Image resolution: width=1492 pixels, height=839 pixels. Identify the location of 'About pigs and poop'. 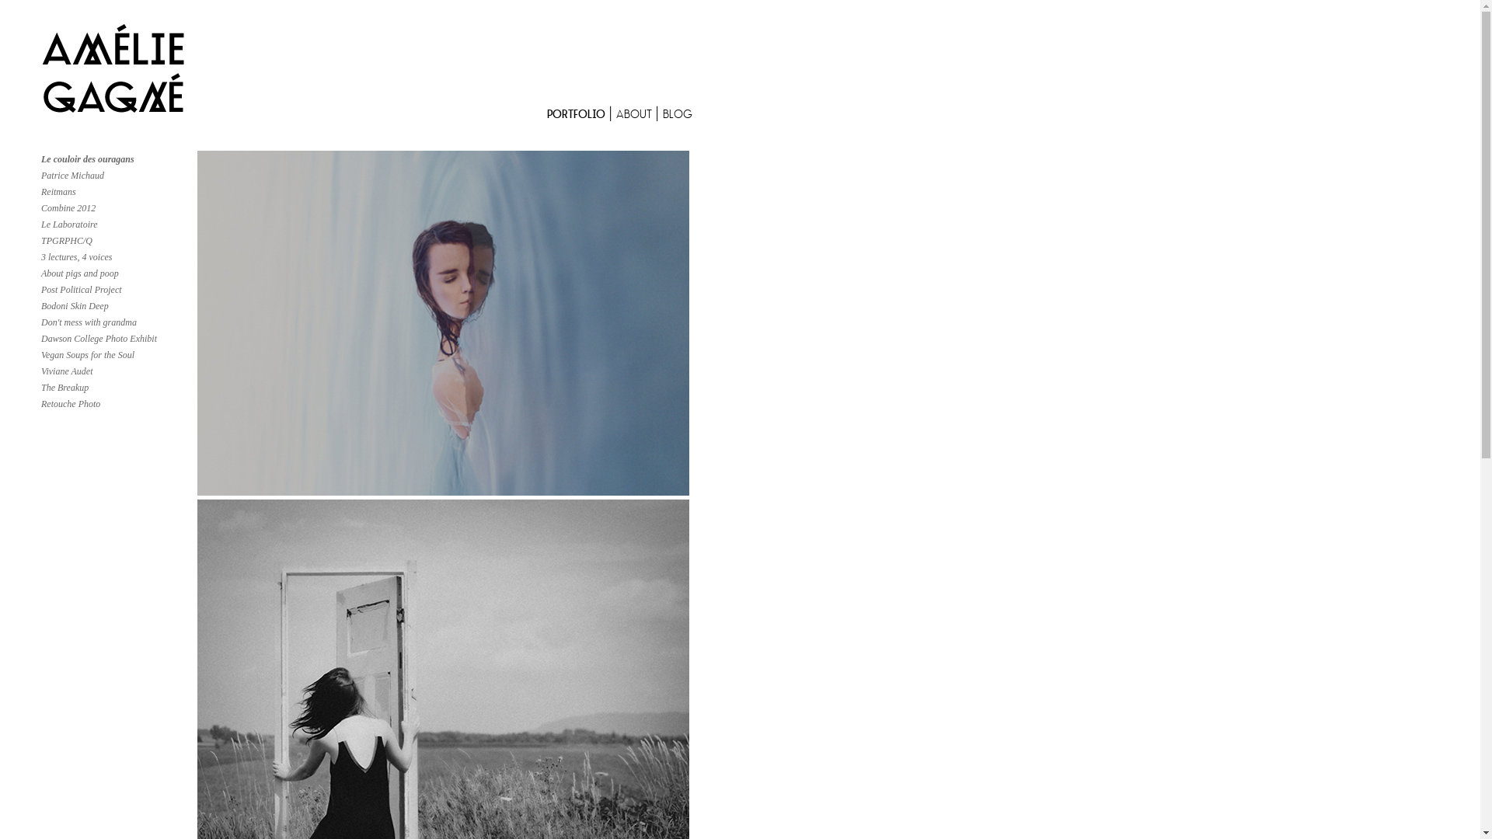
(78, 272).